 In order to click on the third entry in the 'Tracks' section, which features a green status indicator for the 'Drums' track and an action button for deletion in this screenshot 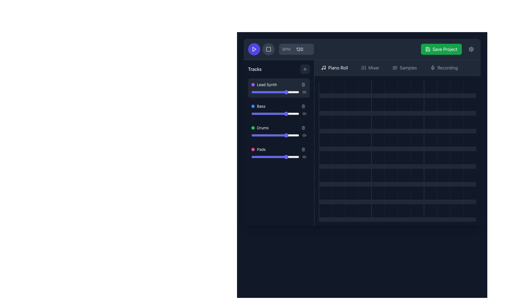, I will do `click(279, 128)`.